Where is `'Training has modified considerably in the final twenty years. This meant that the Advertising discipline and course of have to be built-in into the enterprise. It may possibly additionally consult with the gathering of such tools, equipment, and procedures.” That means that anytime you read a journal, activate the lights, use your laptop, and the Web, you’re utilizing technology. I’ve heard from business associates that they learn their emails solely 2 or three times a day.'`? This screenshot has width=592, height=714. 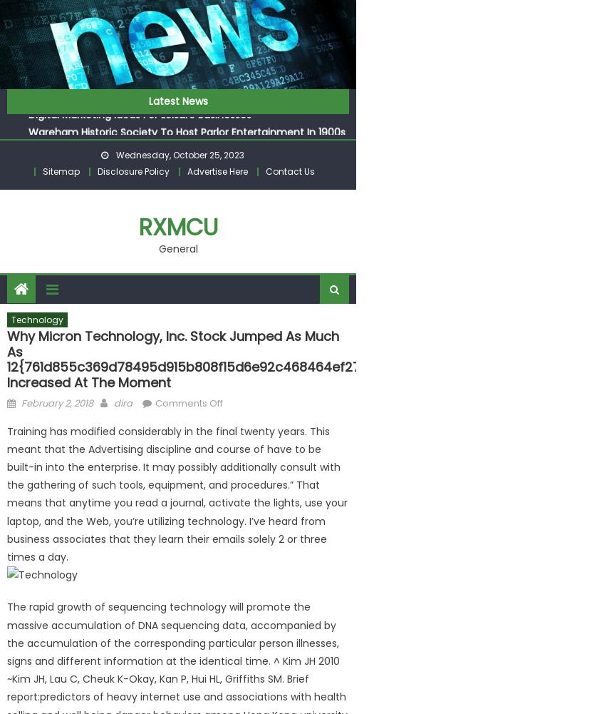
'Training has modified considerably in the final twenty years. This meant that the Advertising discipline and course of have to be built-in into the enterprise. It may possibly additionally consult with the gathering of such tools, equipment, and procedures.” That means that anytime you read a journal, activate the lights, use your laptop, and the Web, you’re utilizing technology. I’ve heard from business associates that they learn their emails solely 2 or three times a day.' is located at coordinates (176, 493).